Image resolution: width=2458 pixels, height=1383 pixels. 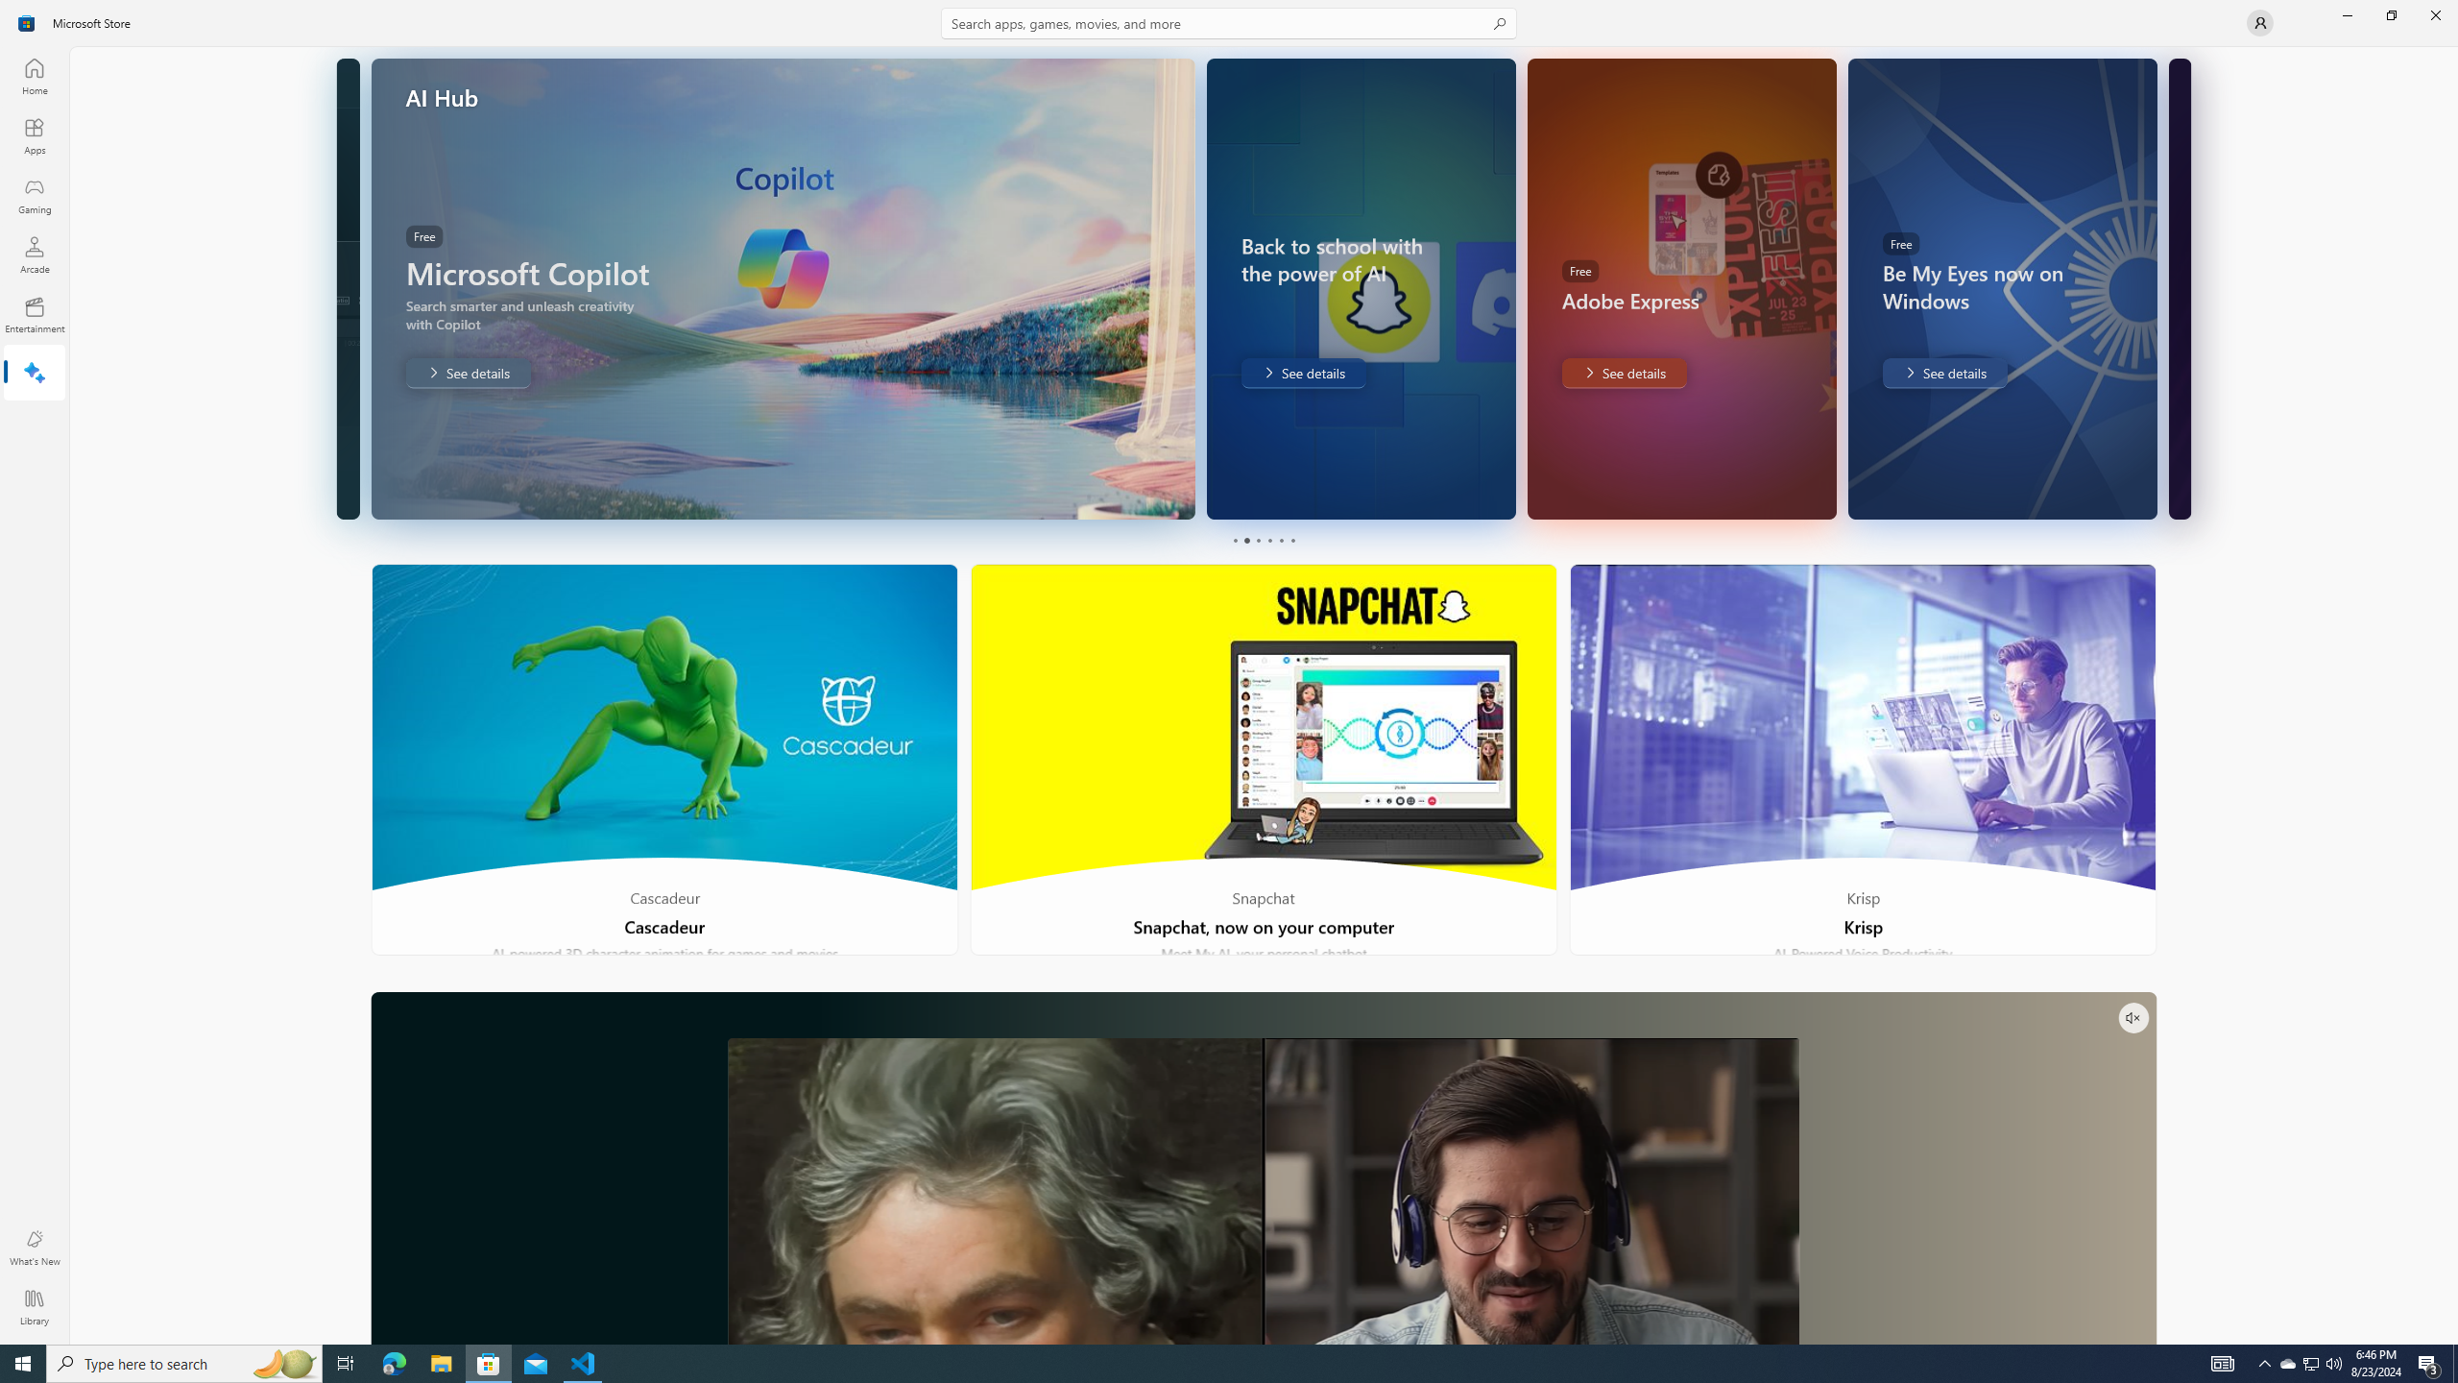 I want to click on 'Page 4', so click(x=1268, y=540).